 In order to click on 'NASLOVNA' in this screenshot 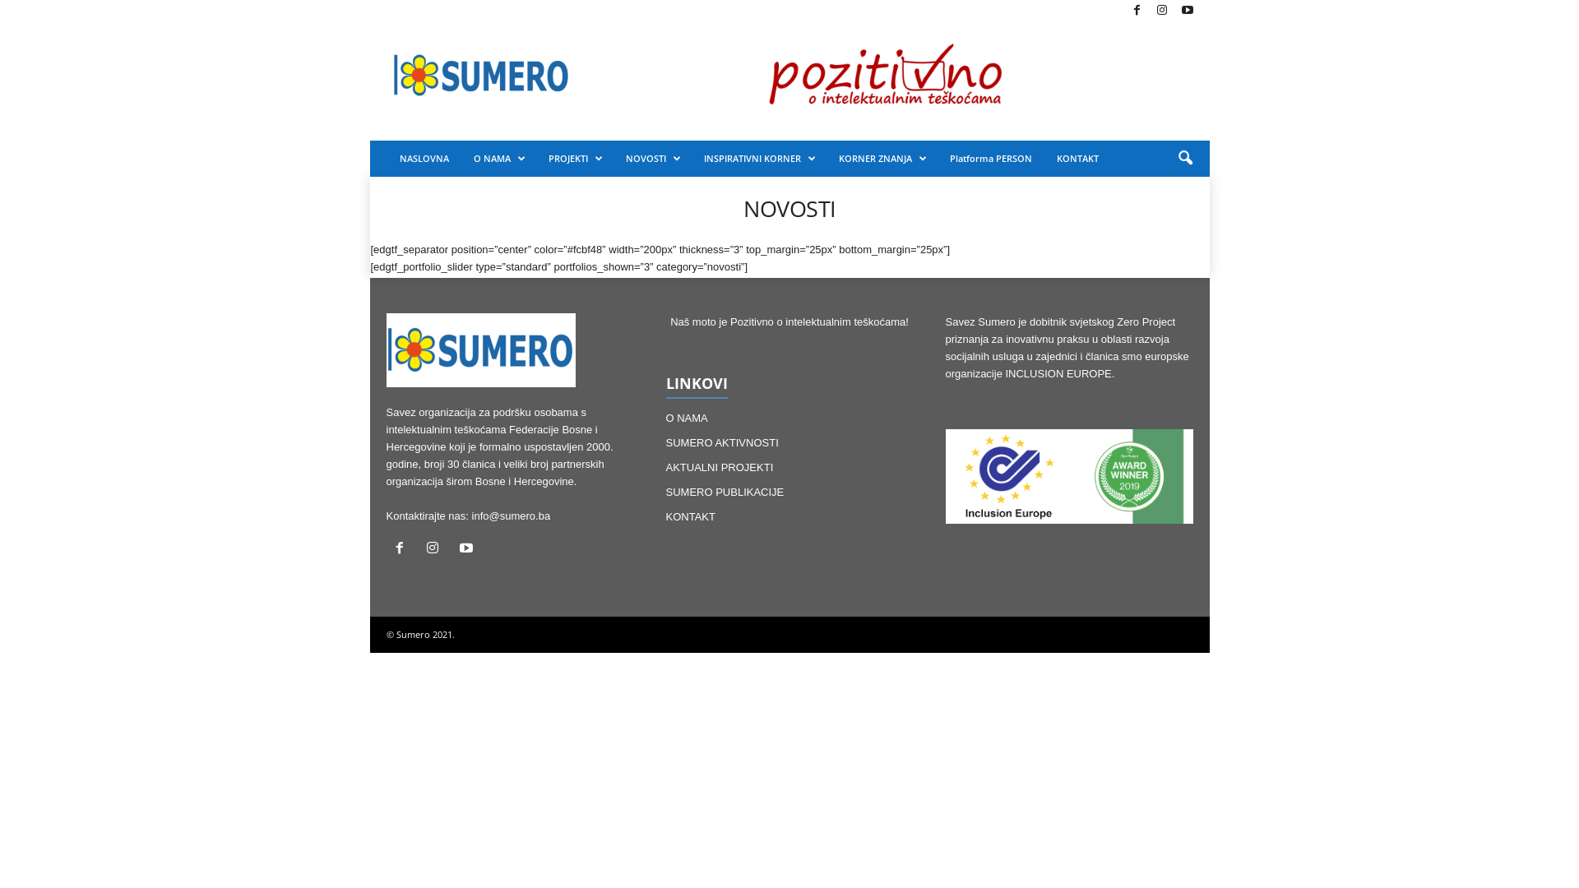, I will do `click(386, 158)`.